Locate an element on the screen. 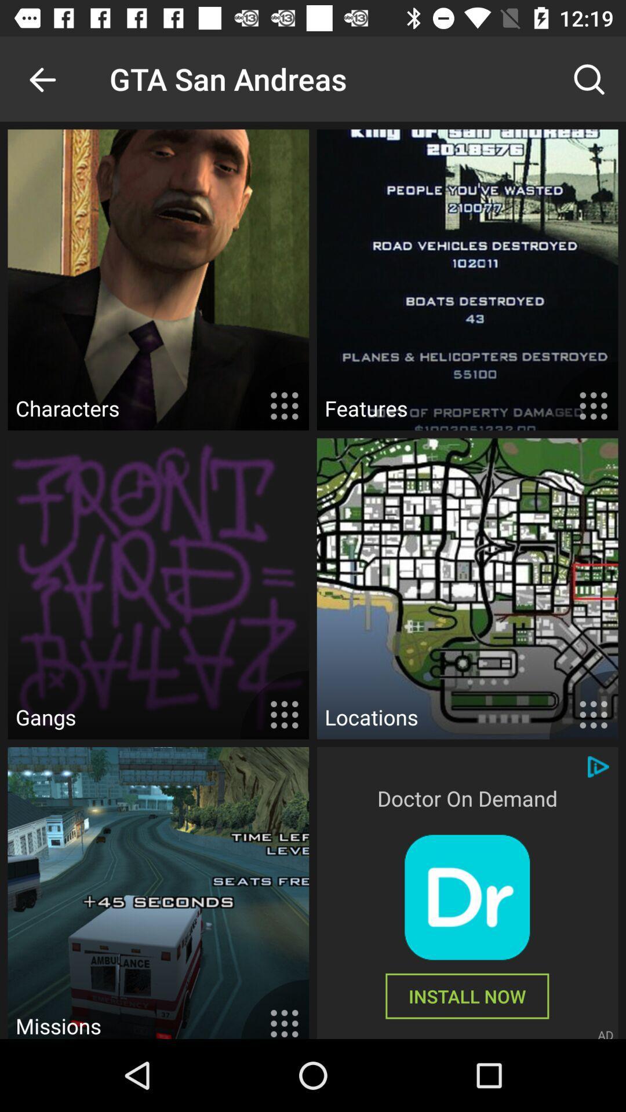  the item above install now is located at coordinates (467, 897).